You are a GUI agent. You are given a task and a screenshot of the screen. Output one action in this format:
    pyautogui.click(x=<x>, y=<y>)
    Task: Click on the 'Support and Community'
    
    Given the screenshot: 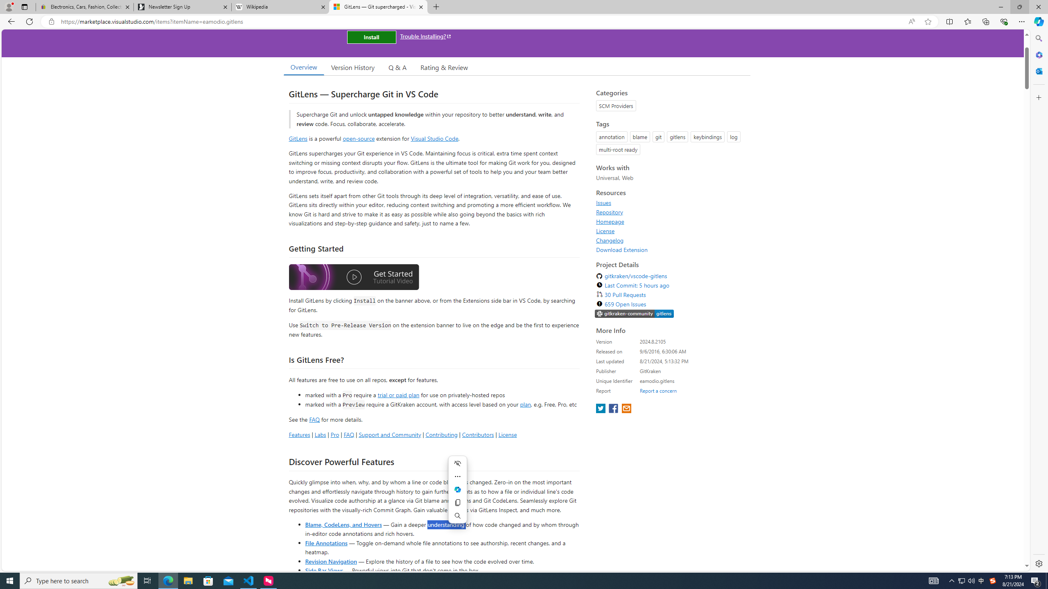 What is the action you would take?
    pyautogui.click(x=389, y=434)
    